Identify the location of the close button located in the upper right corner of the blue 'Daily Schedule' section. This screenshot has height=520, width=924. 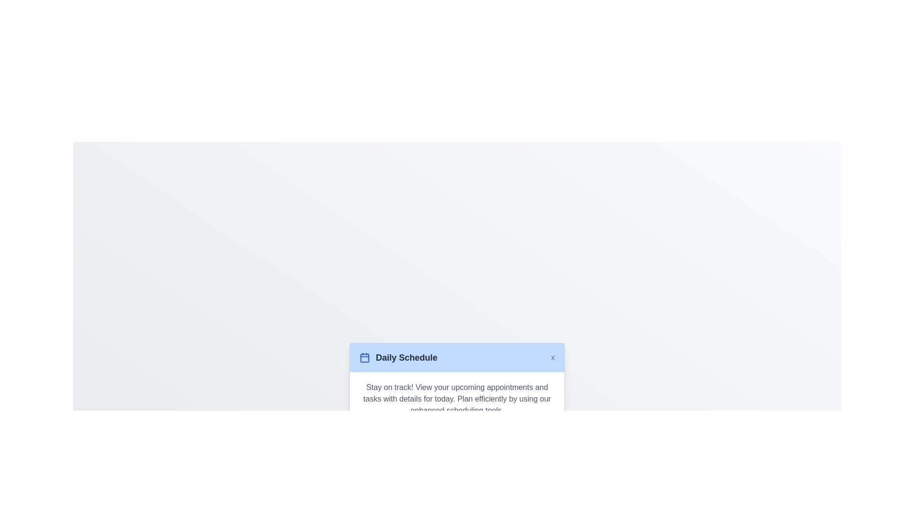
(552, 357).